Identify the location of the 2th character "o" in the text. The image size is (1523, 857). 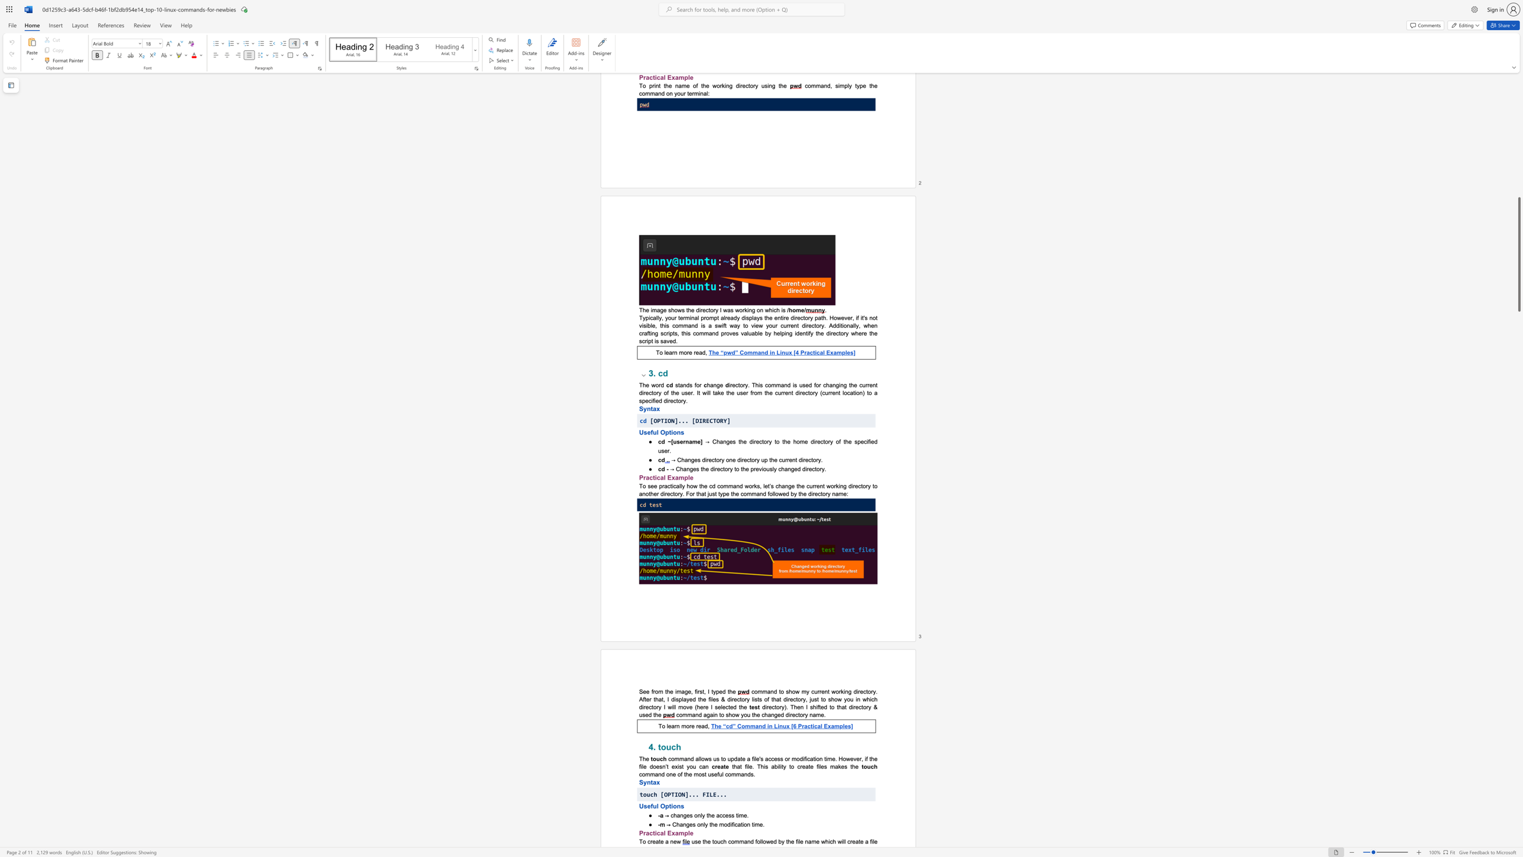
(688, 726).